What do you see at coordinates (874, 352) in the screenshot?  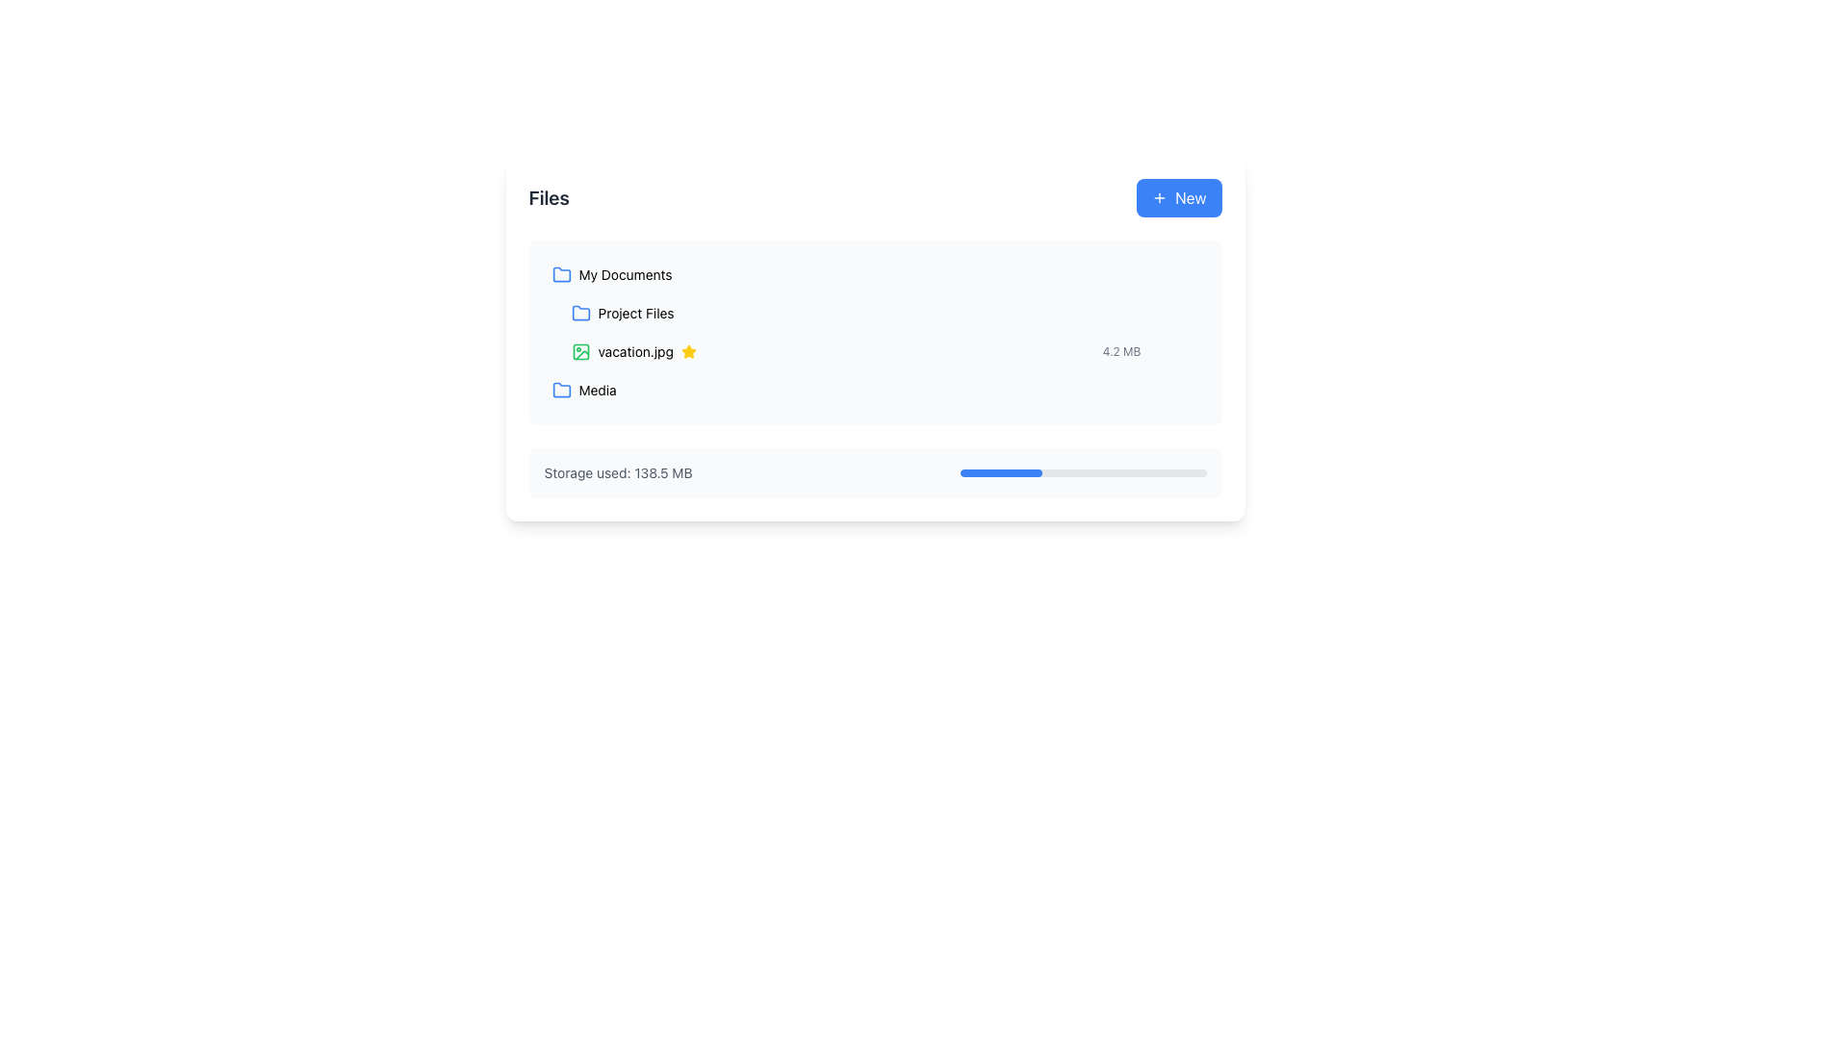 I see `the file representation item for 'vacation.jpg'` at bounding box center [874, 352].